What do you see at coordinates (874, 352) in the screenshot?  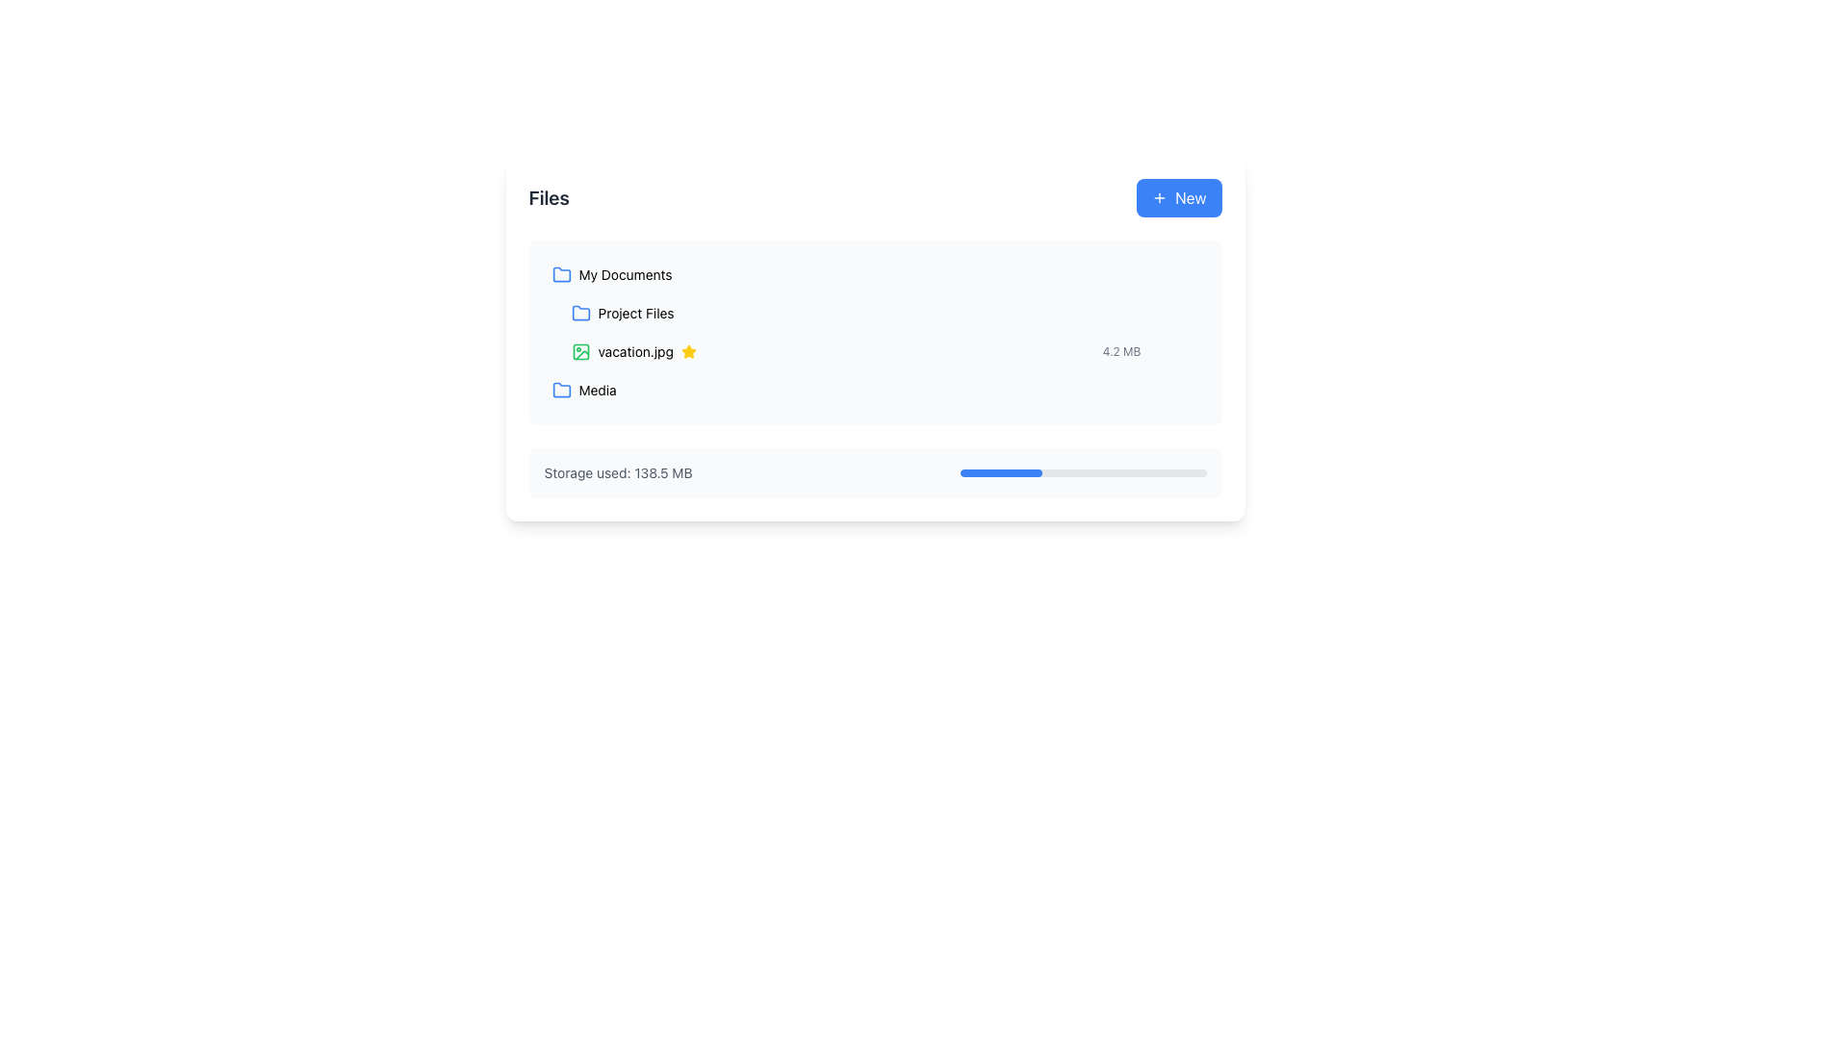 I see `the file representation item for 'vacation.jpg'` at bounding box center [874, 352].